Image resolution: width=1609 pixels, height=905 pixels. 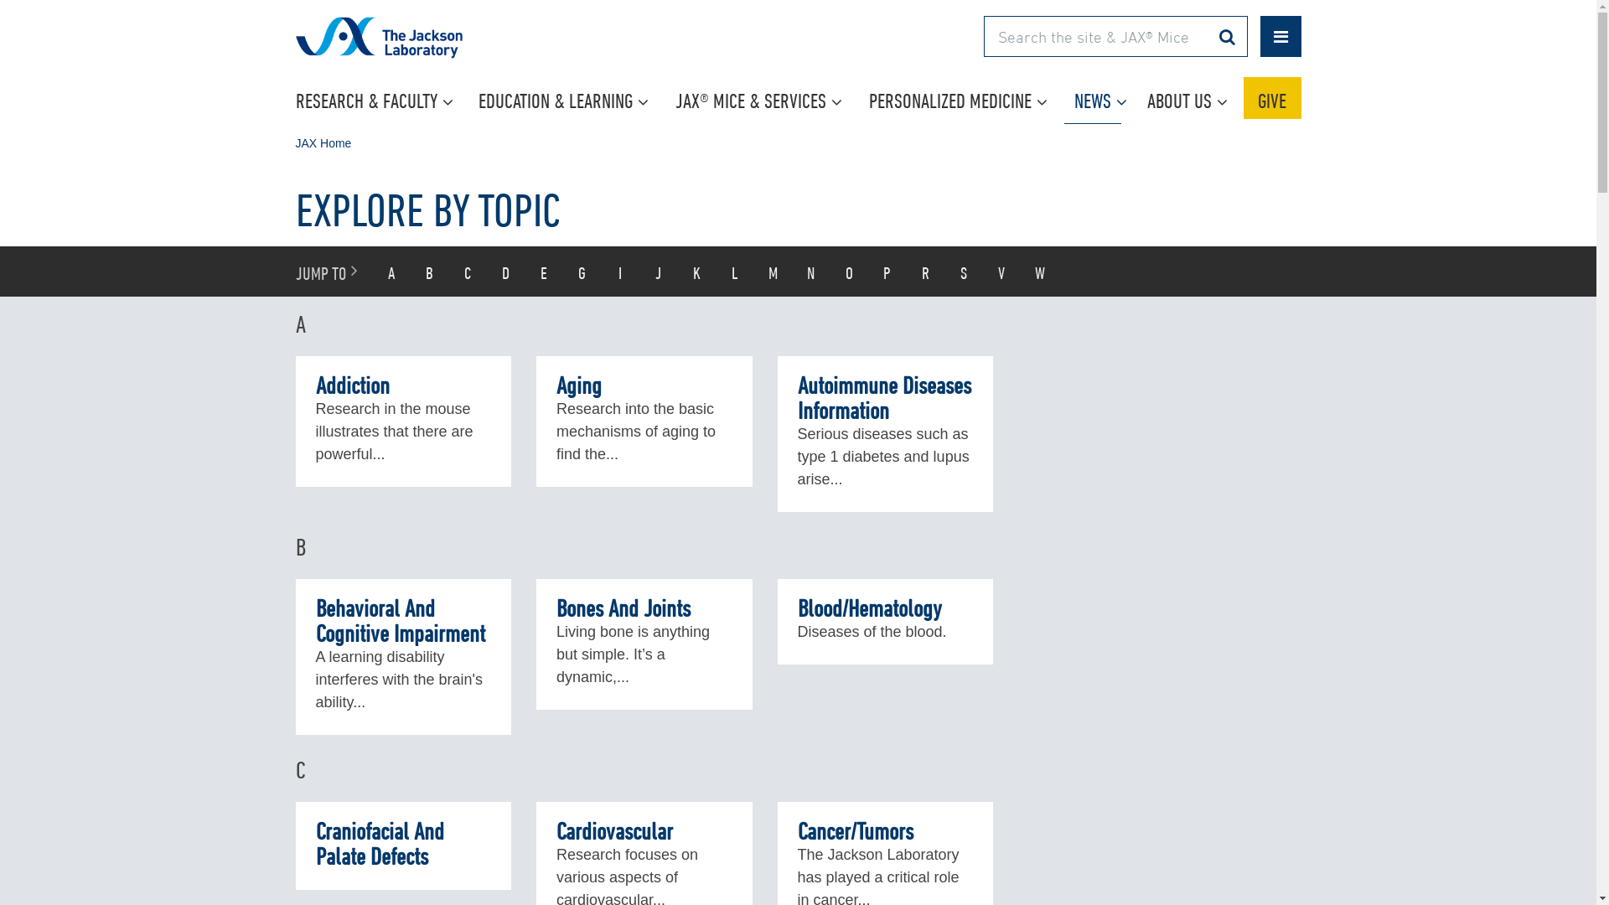 What do you see at coordinates (811, 271) in the screenshot?
I see `'N'` at bounding box center [811, 271].